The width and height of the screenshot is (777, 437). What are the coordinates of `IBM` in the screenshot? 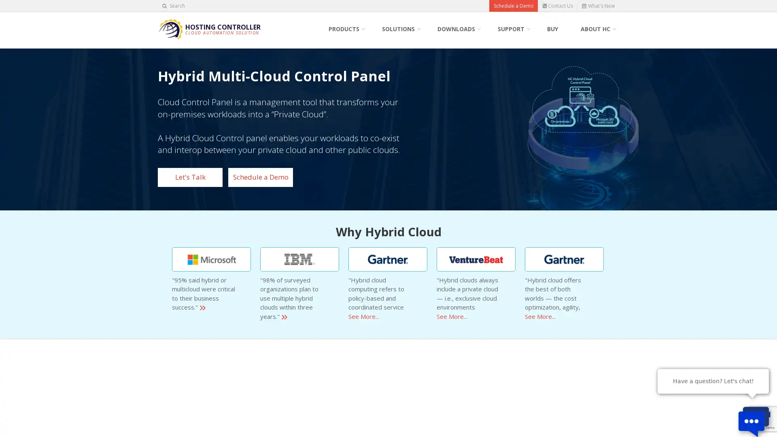 It's located at (299, 259).